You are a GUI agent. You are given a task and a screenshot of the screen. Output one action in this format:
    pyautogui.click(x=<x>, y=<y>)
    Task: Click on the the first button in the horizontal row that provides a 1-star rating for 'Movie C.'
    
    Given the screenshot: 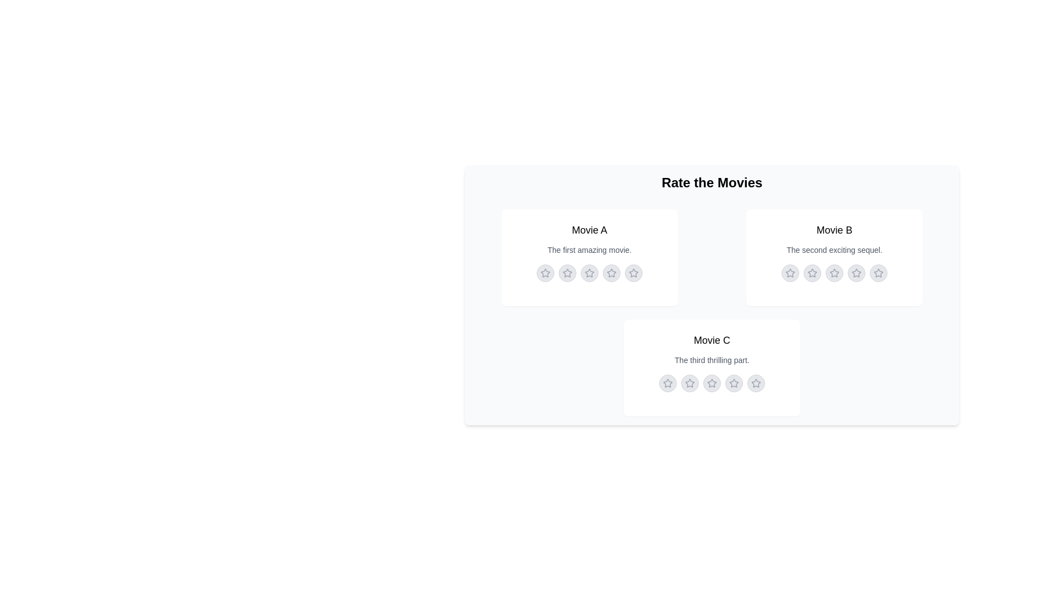 What is the action you would take?
    pyautogui.click(x=667, y=382)
    